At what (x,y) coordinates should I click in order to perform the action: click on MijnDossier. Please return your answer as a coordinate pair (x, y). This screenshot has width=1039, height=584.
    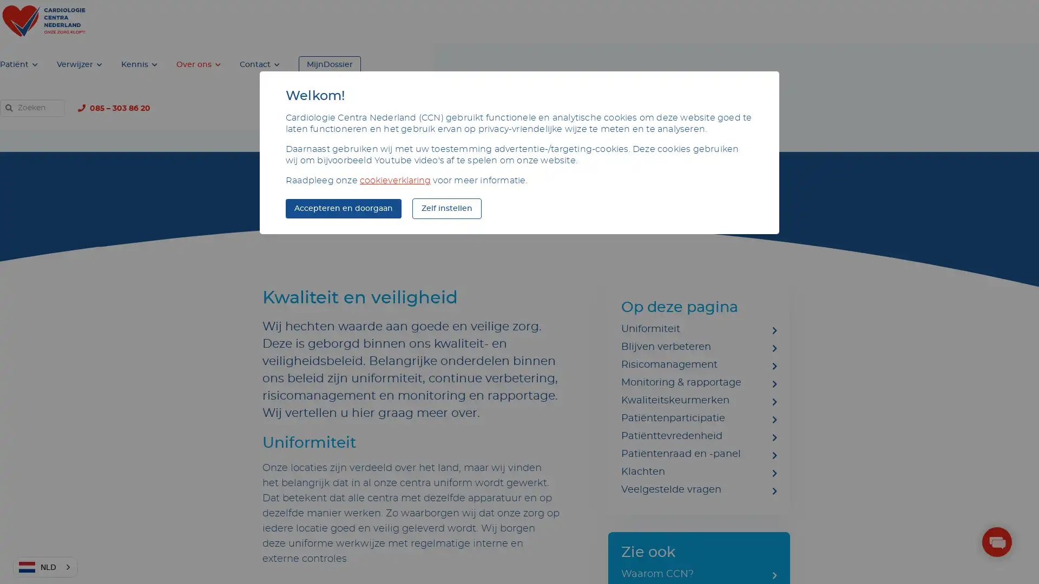
    Looking at the image, I should click on (703, 21).